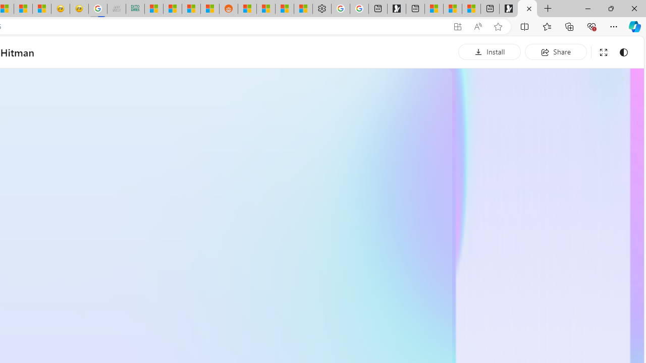  Describe the element at coordinates (209, 9) in the screenshot. I see `'MSN'` at that location.